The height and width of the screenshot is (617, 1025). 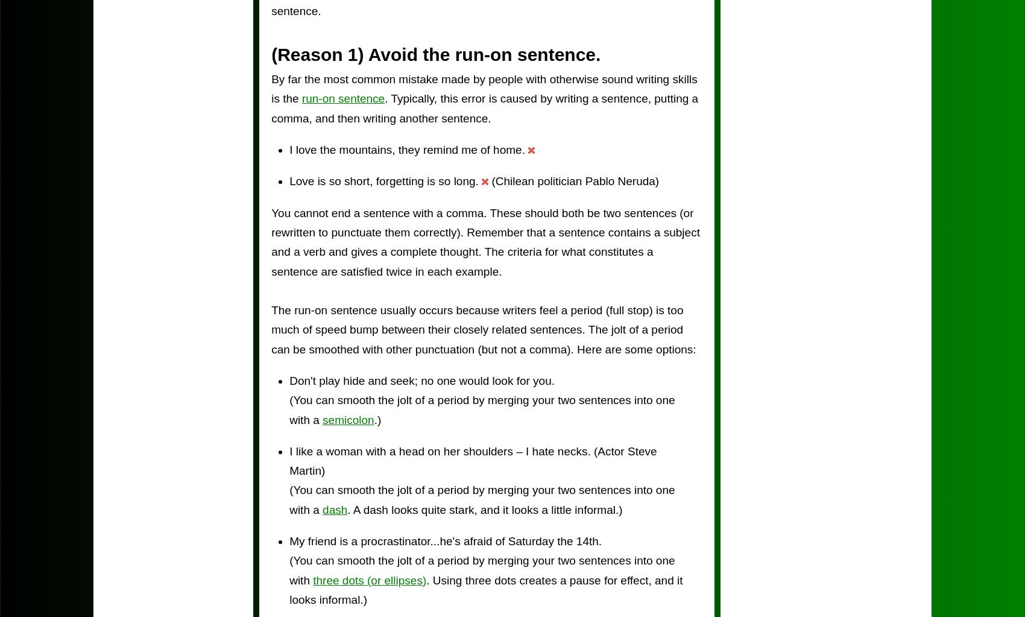 What do you see at coordinates (484, 508) in the screenshot?
I see `'. A dash looks quite stark, and it looks a little informal.)'` at bounding box center [484, 508].